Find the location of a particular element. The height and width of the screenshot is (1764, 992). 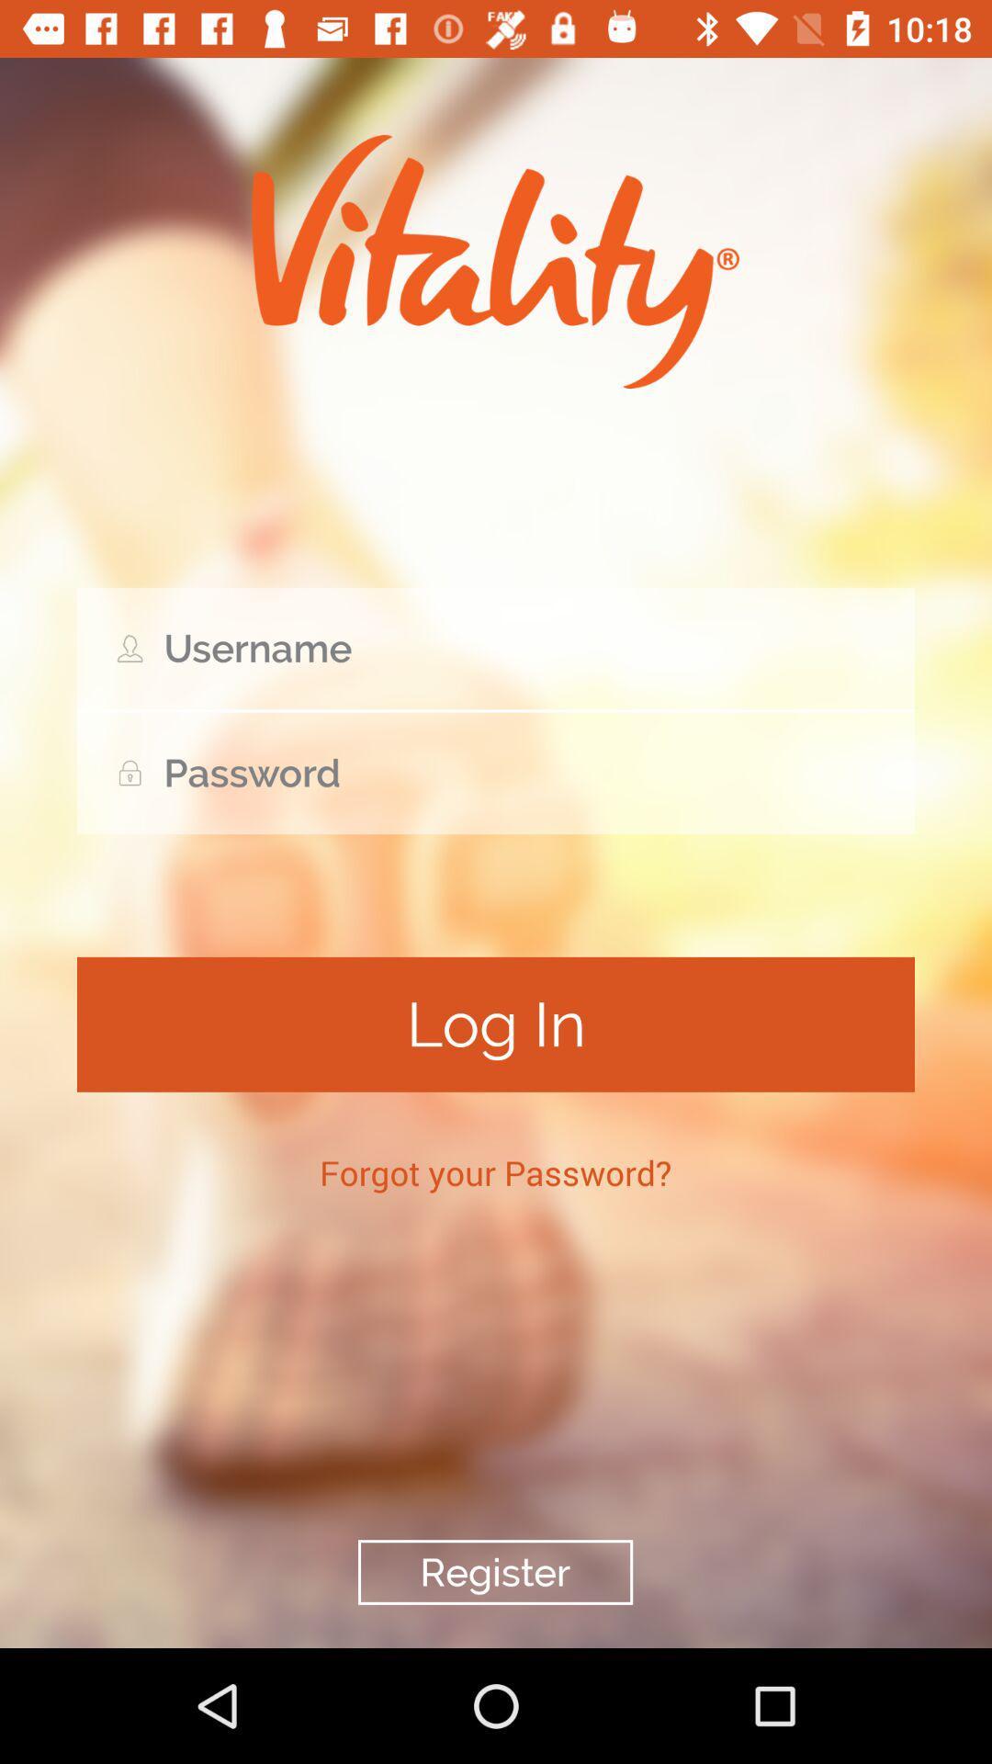

the icon above the forgot your password? item is located at coordinates (496, 1023).